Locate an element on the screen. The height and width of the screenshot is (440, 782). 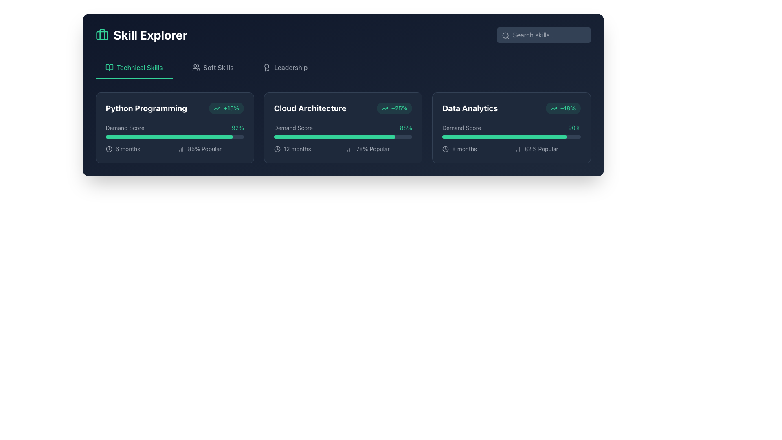
the text label reading 'Demand Score' which is displayed in a light font color on a dark background, located in the card for 'Cloud Architecture' near the middle-left section, above the numeric value '88%' is located at coordinates (293, 128).